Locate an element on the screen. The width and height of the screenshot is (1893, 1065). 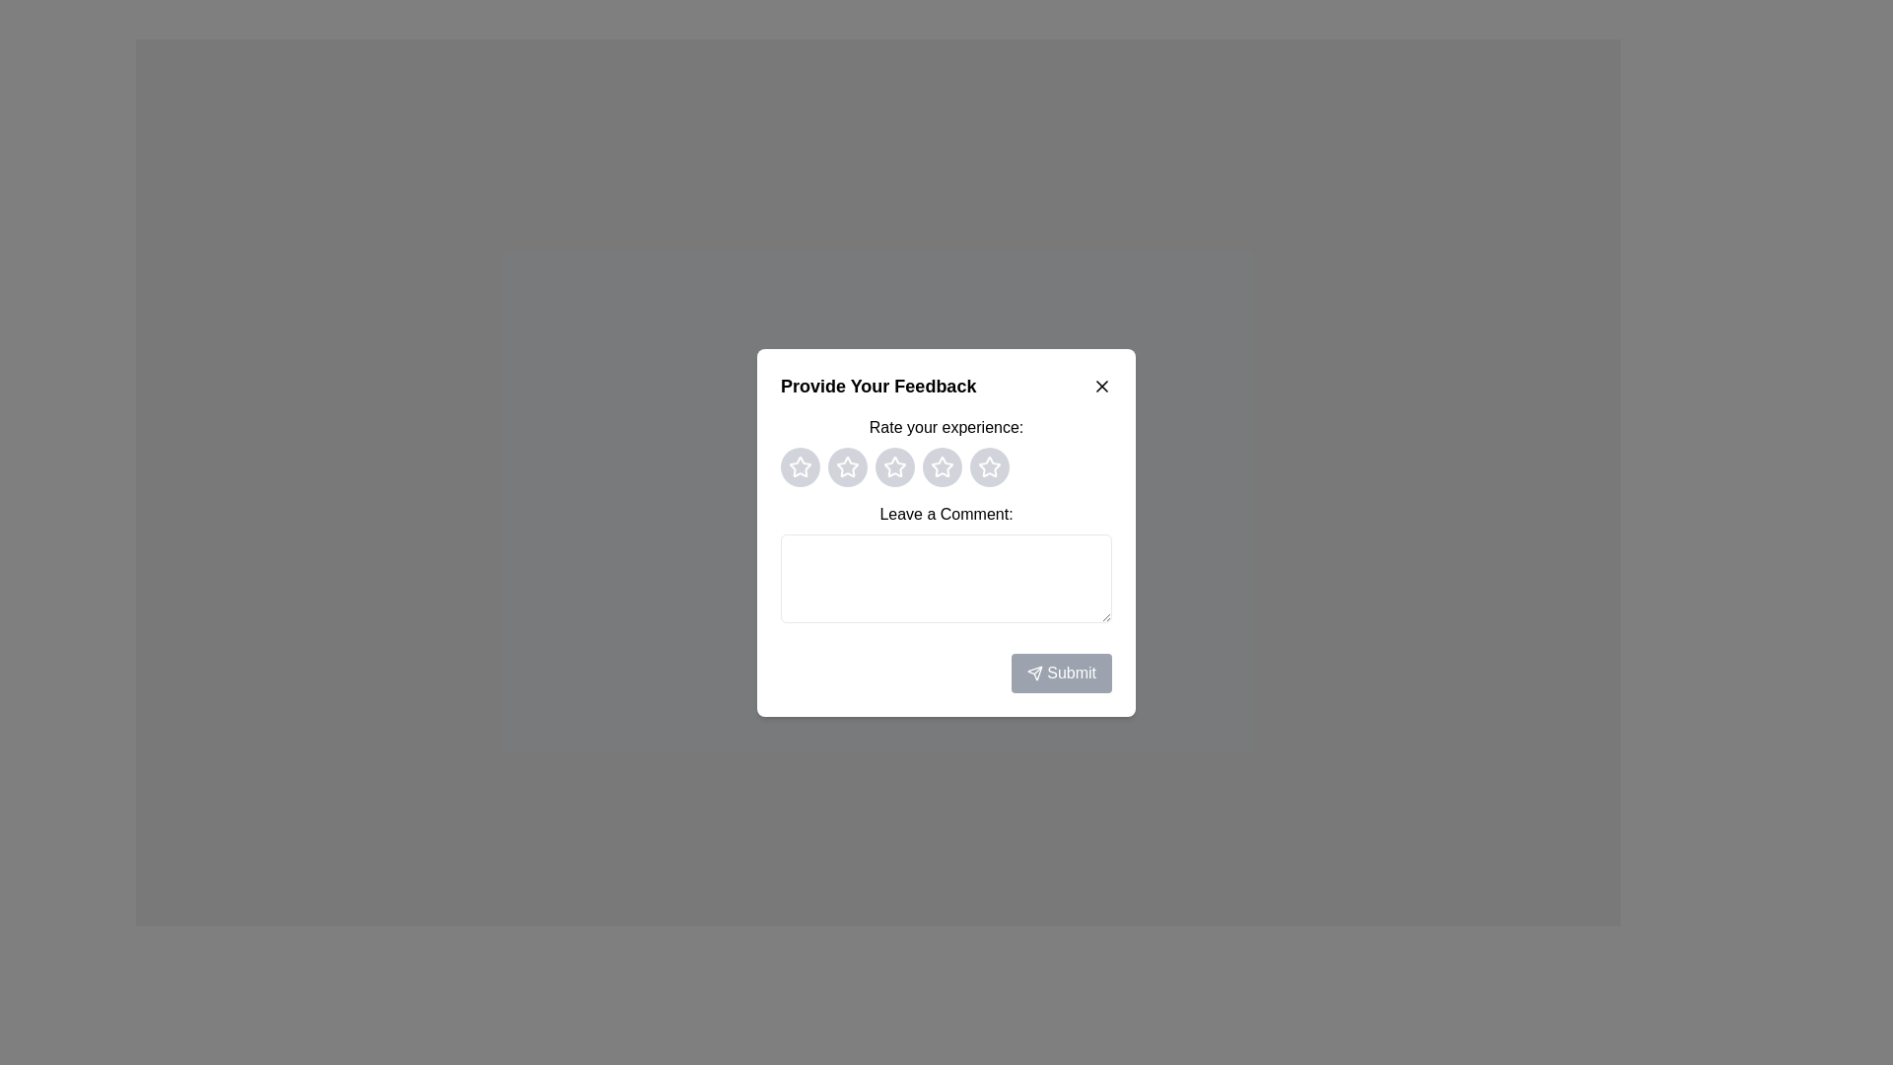
the star icon, which is the second in a series of five rating stars within the 'Provide Your Feedback' dialog box is located at coordinates (941, 466).